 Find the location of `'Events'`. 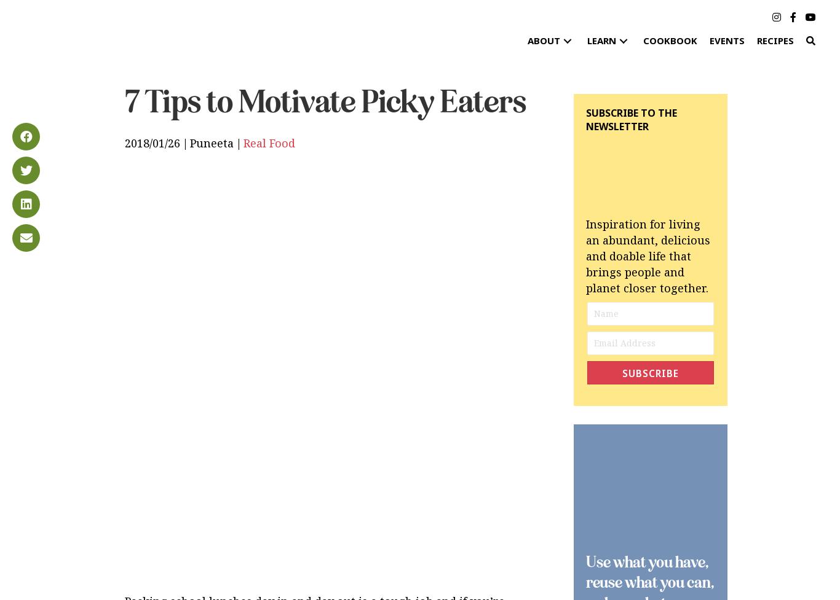

'Events' is located at coordinates (727, 41).